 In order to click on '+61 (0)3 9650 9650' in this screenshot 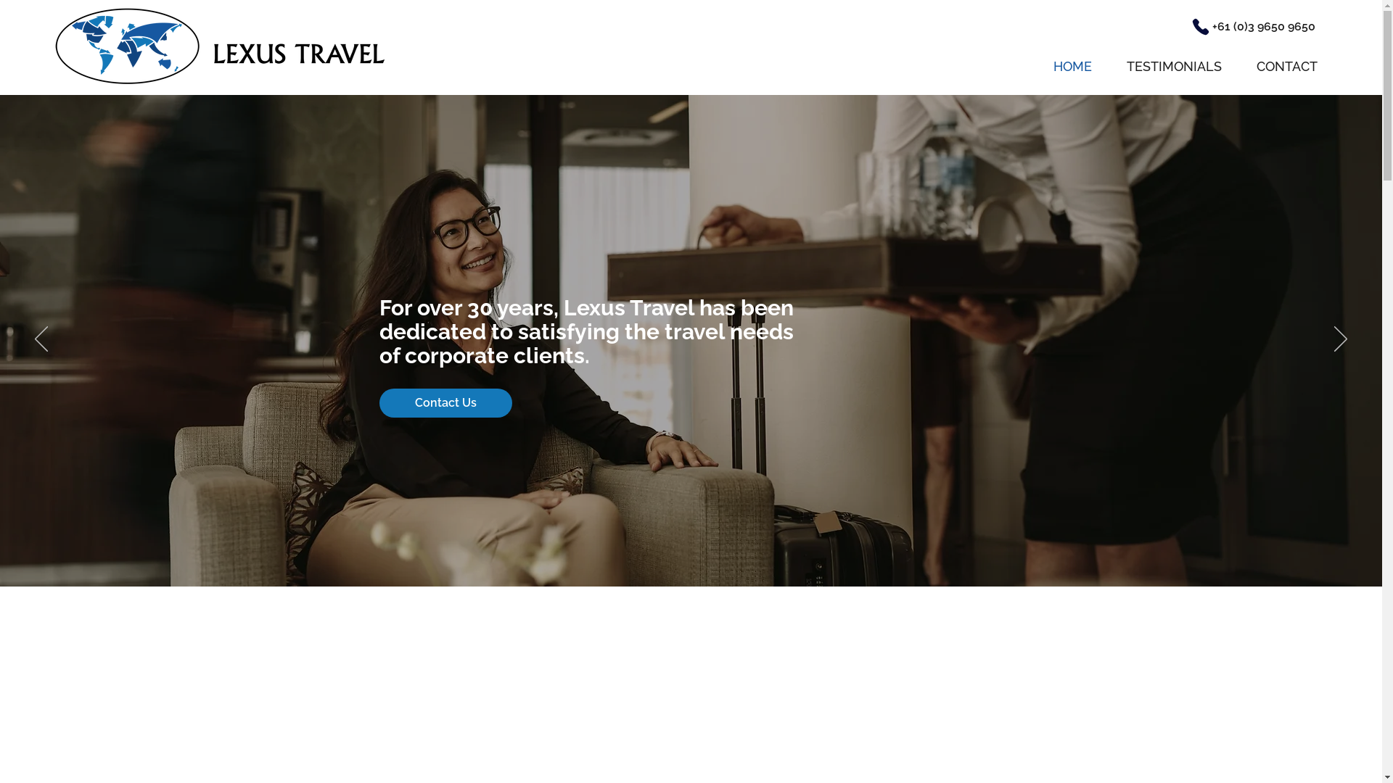, I will do `click(1263, 26)`.